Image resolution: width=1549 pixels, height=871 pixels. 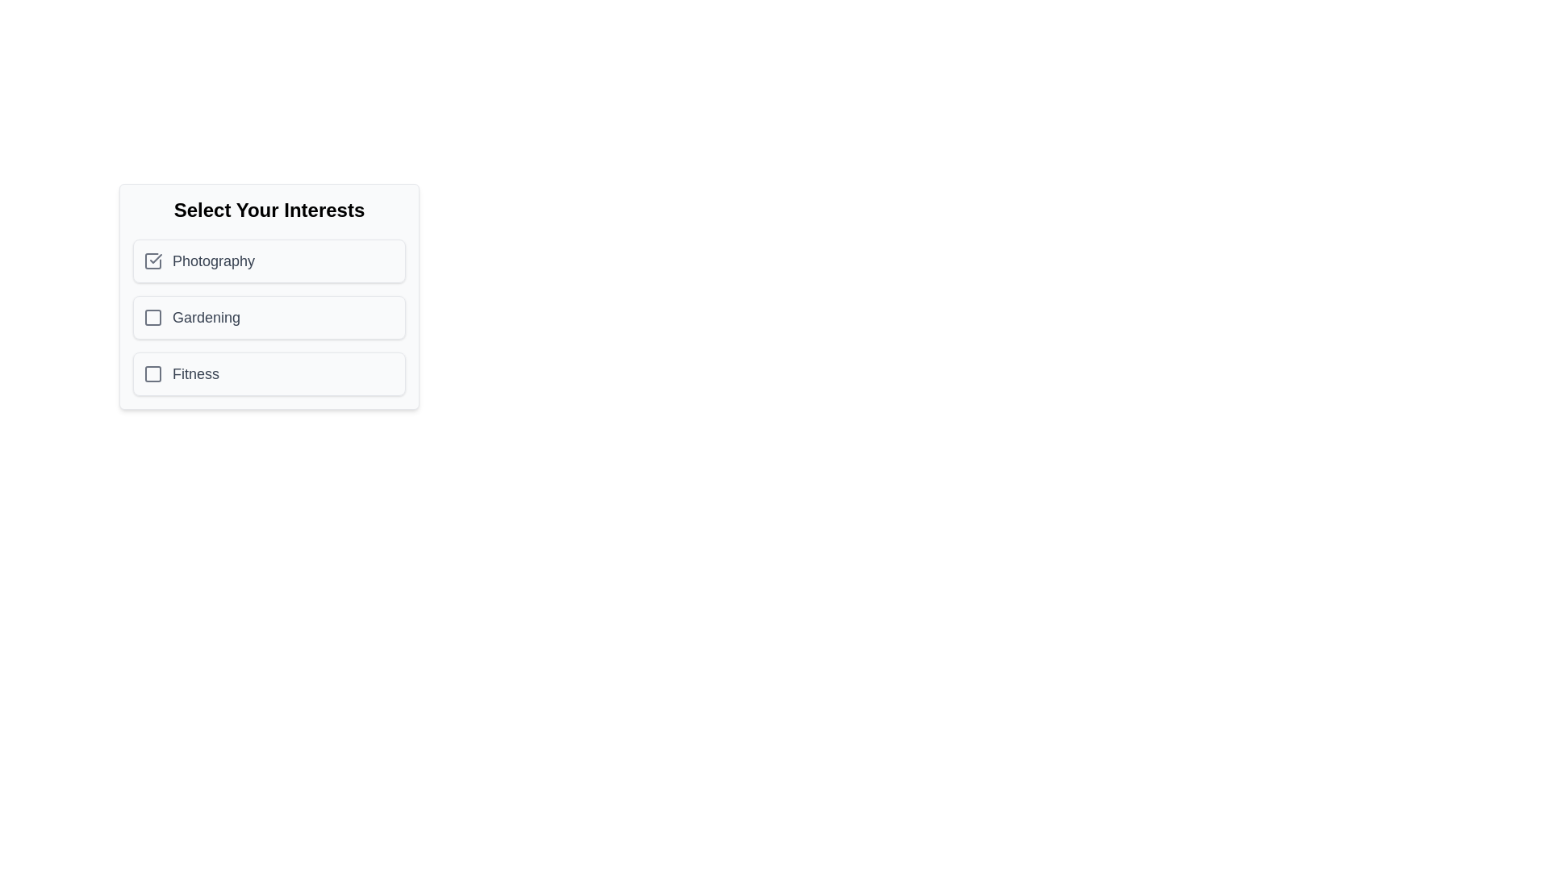 What do you see at coordinates (269, 260) in the screenshot?
I see `the 'Photography' interest to deselect it` at bounding box center [269, 260].